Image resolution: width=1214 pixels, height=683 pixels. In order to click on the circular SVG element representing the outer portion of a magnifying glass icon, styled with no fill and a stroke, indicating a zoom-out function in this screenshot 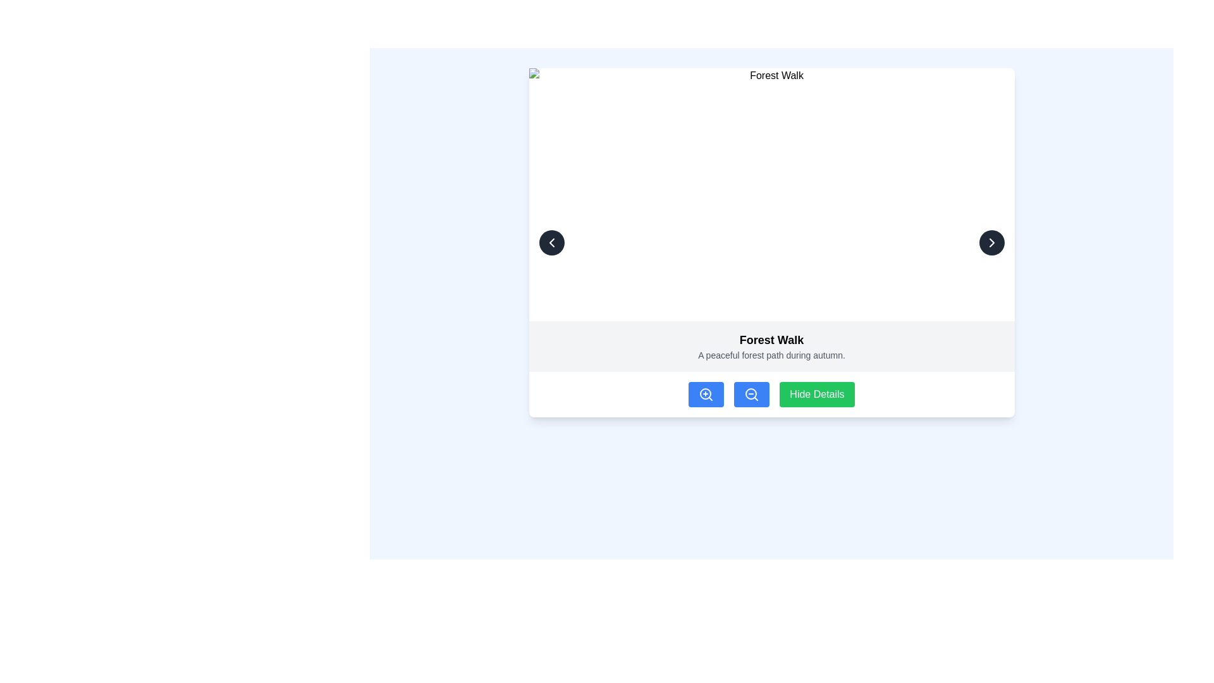, I will do `click(751, 393)`.